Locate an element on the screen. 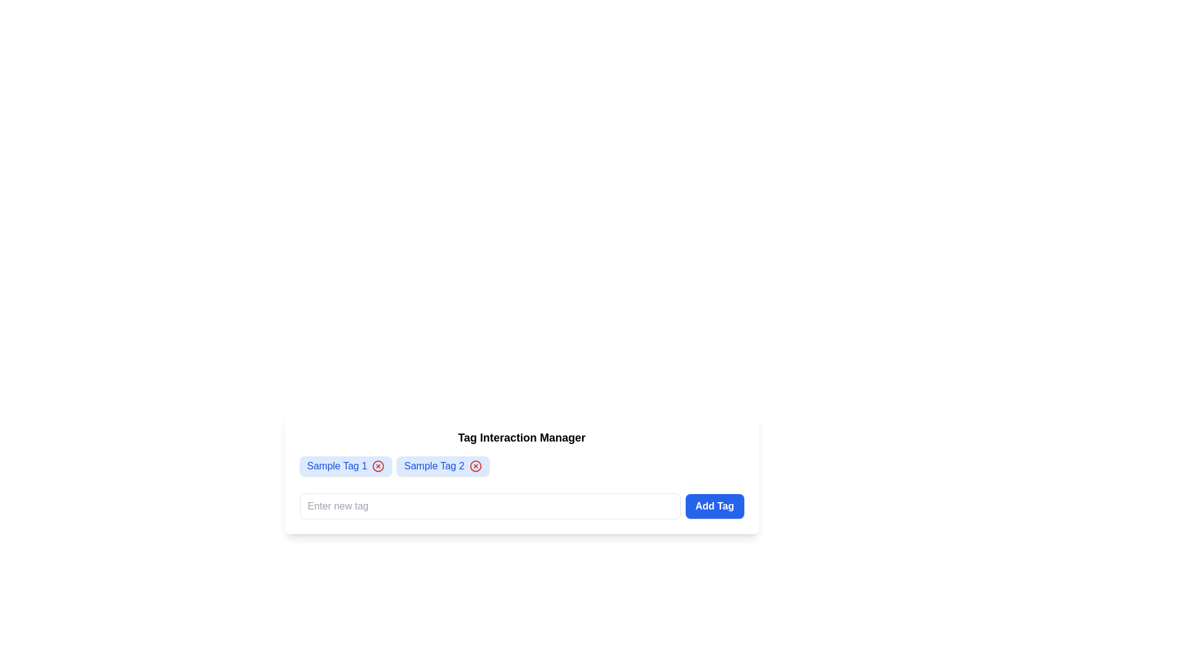 This screenshot has height=667, width=1185. the interactive tag labeled 'Sample Tag 2' is located at coordinates (443, 466).